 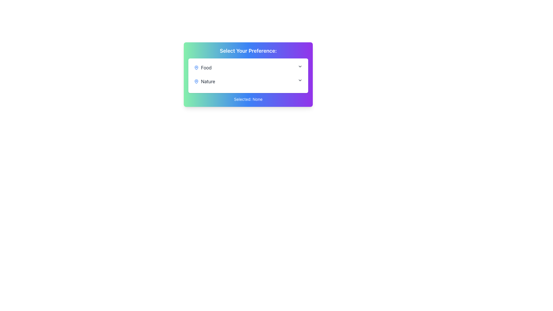 I want to click on the downward-pointing chevron SVG icon located to the right of the 'Nature' text, so click(x=300, y=80).